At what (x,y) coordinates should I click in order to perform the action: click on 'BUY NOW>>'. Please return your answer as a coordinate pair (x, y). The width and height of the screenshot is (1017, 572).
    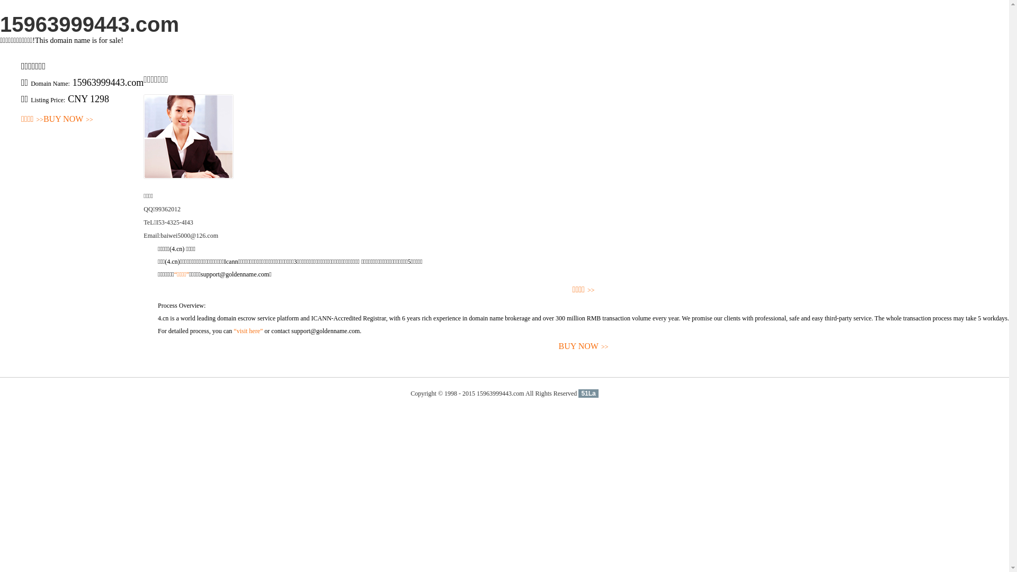
    Looking at the image, I should click on (583, 346).